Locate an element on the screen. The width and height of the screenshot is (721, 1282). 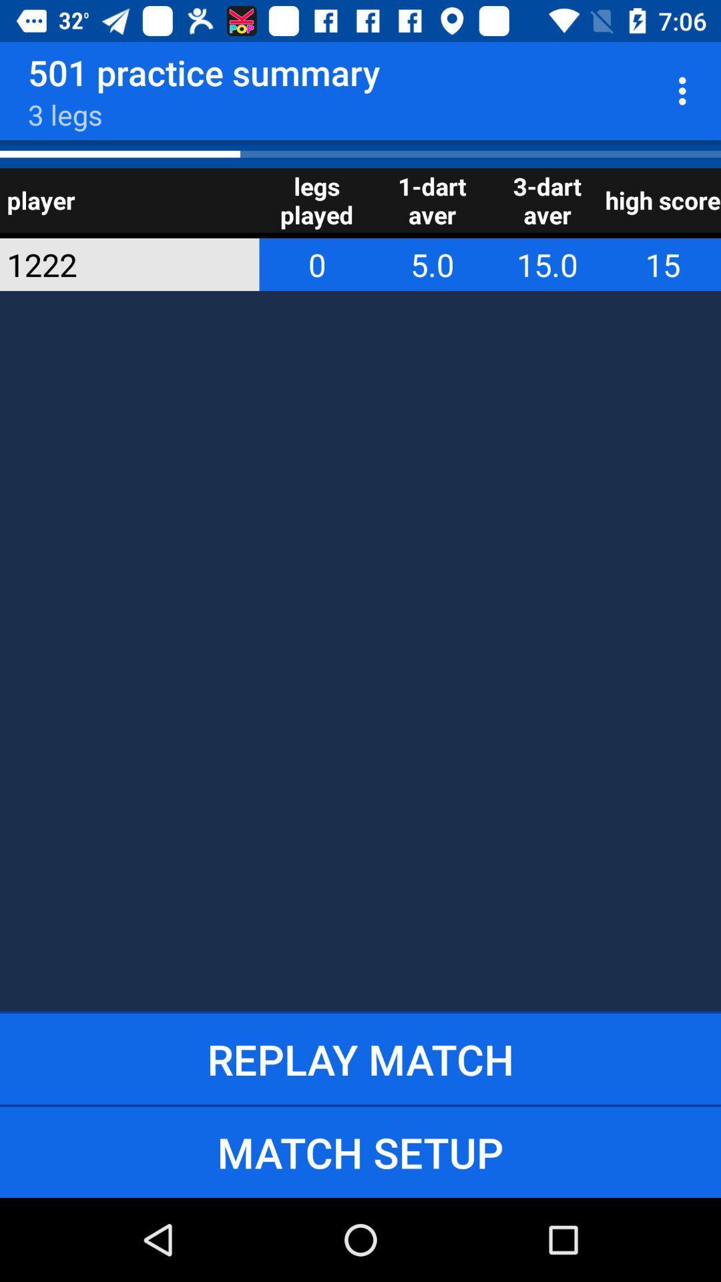
item above the match setup icon is located at coordinates (360, 1058).